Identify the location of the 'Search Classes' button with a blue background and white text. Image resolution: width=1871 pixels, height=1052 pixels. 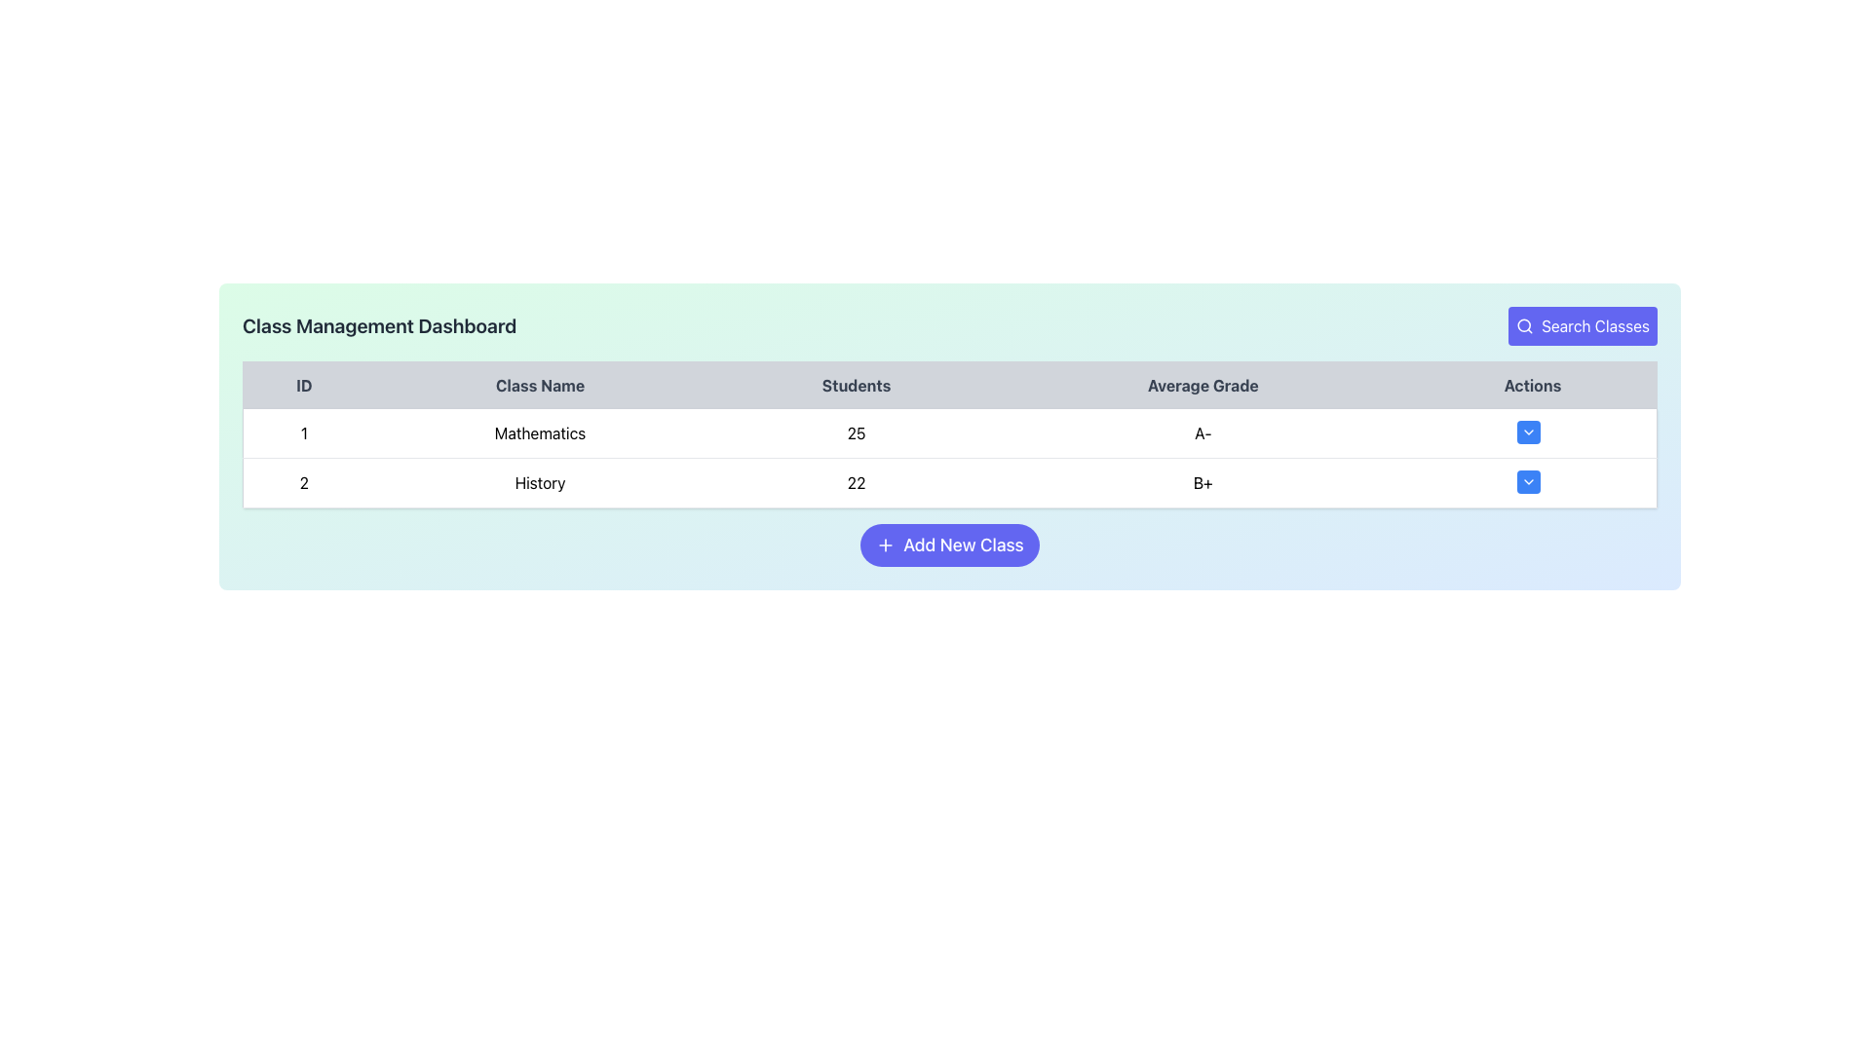
(1583, 325).